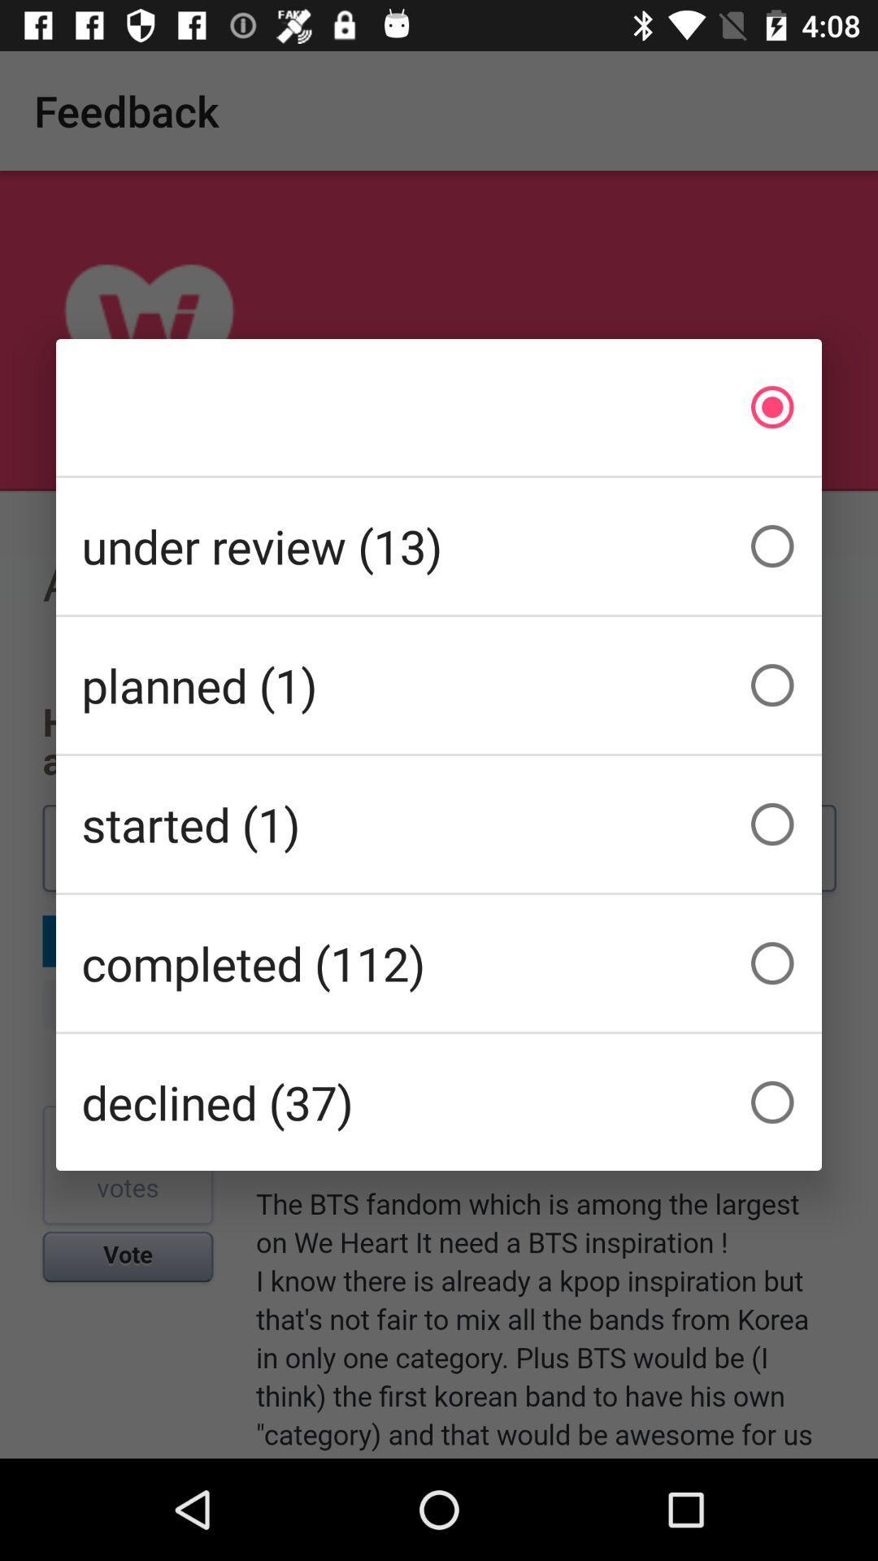 The width and height of the screenshot is (878, 1561). I want to click on the started (1) icon, so click(439, 824).